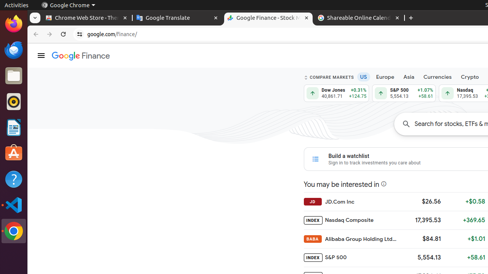  Describe the element at coordinates (336, 93) in the screenshot. I see `'Dow Jones 40,861.71 Up by 0.31% +124.75'` at that location.